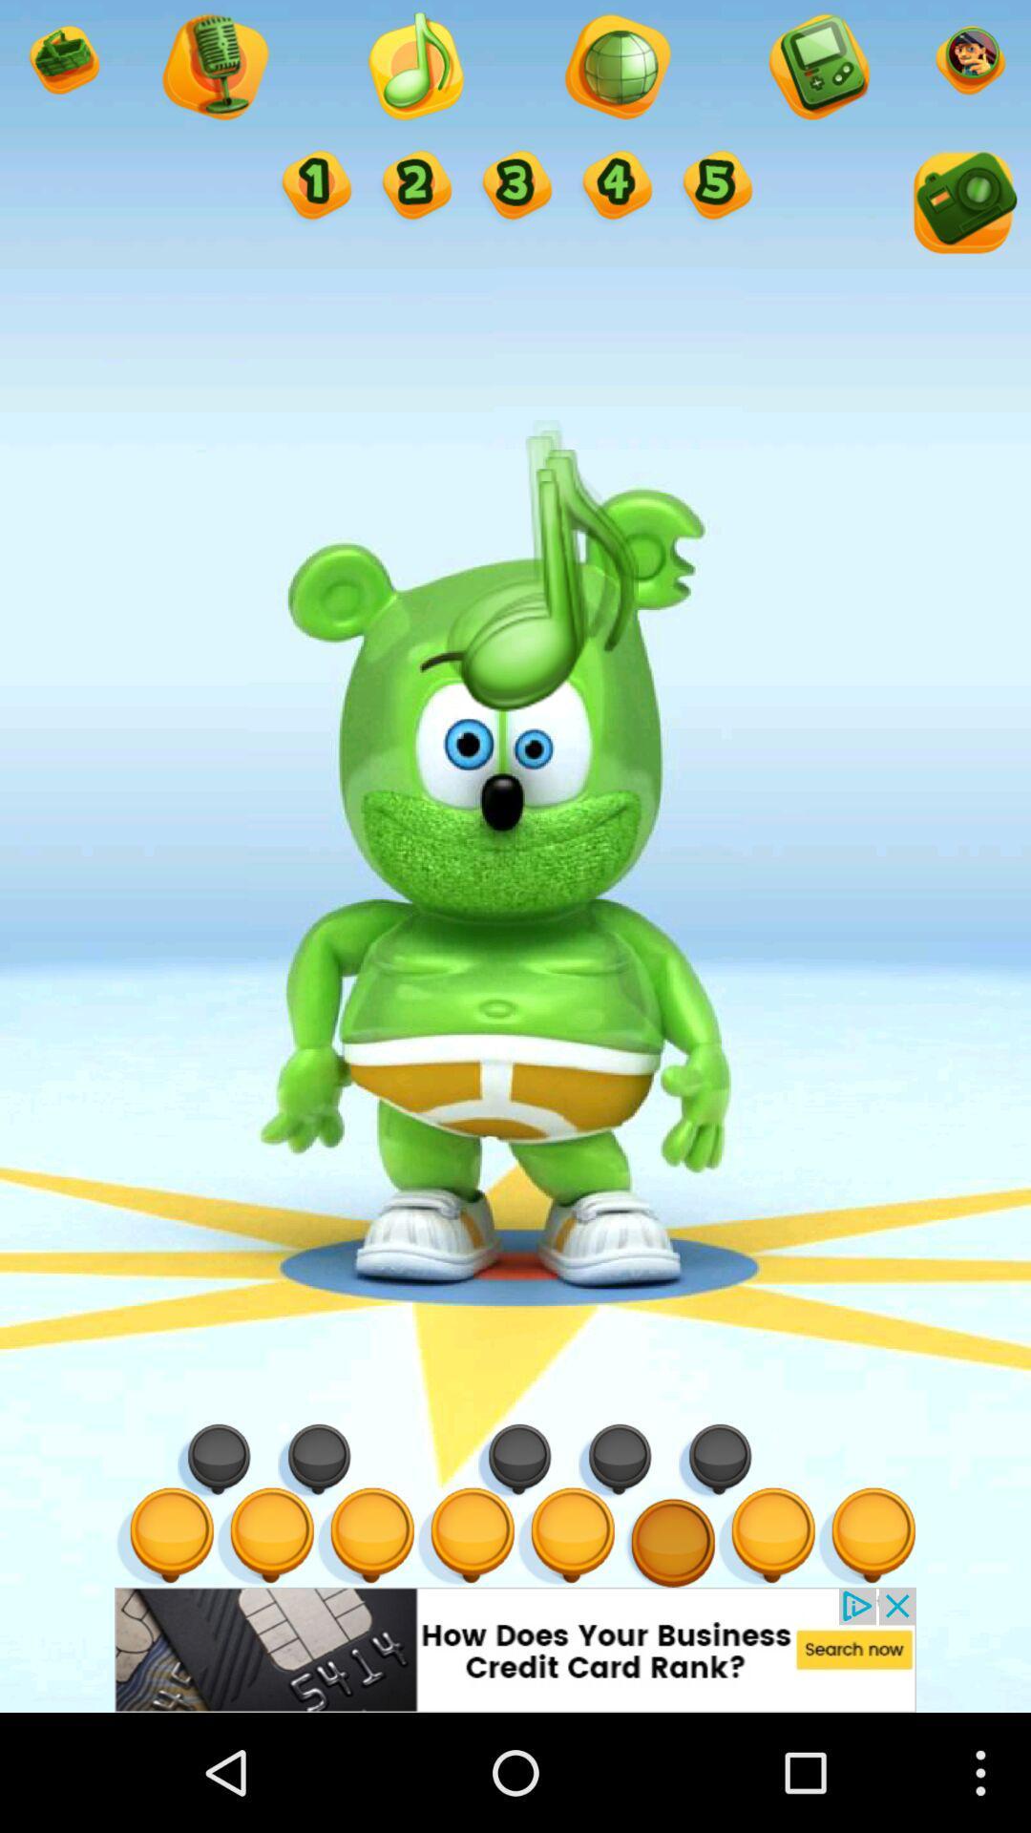  Describe the element at coordinates (313, 187) in the screenshot. I see `gummy bear talk` at that location.